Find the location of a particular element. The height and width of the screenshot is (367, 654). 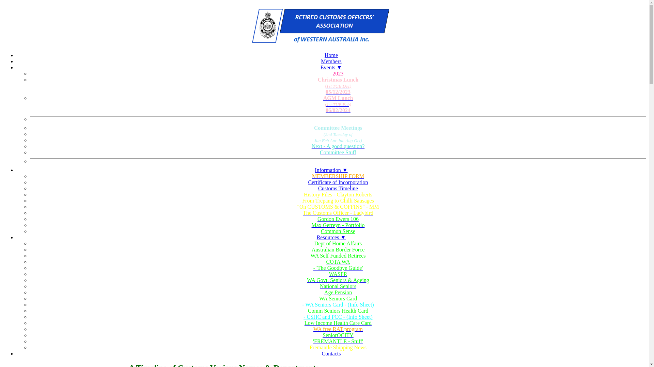

'Next - A good question?' is located at coordinates (338, 146).